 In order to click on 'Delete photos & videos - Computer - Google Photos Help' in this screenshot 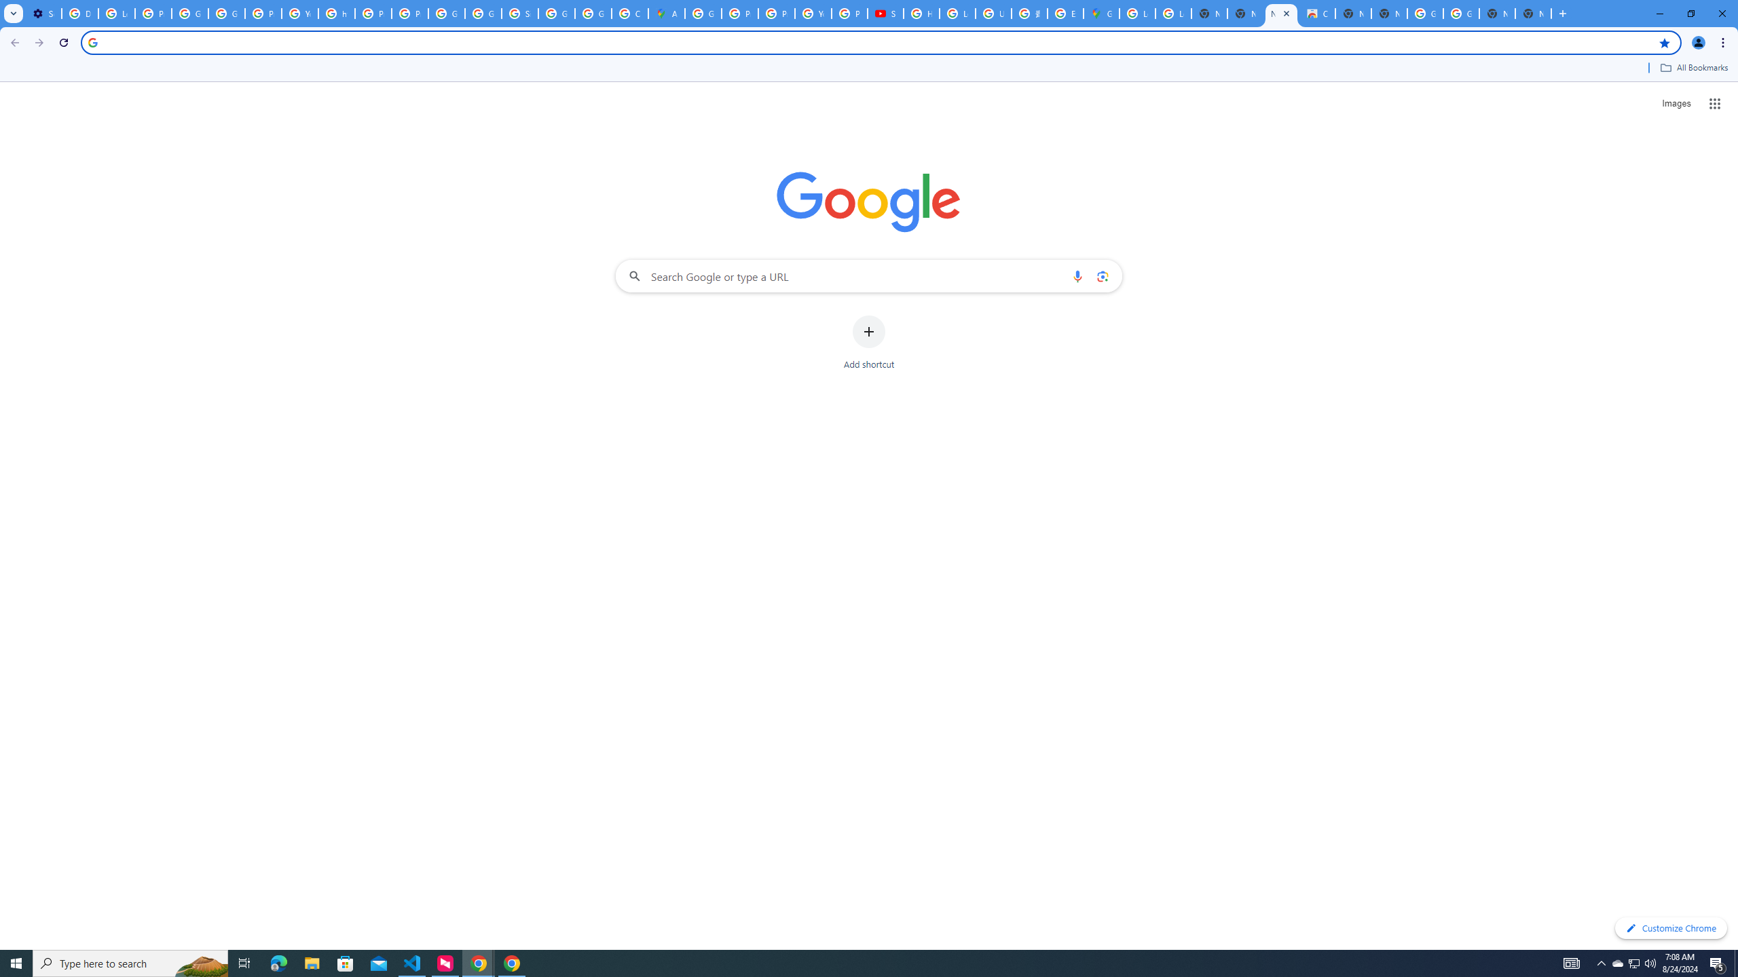, I will do `click(79, 13)`.